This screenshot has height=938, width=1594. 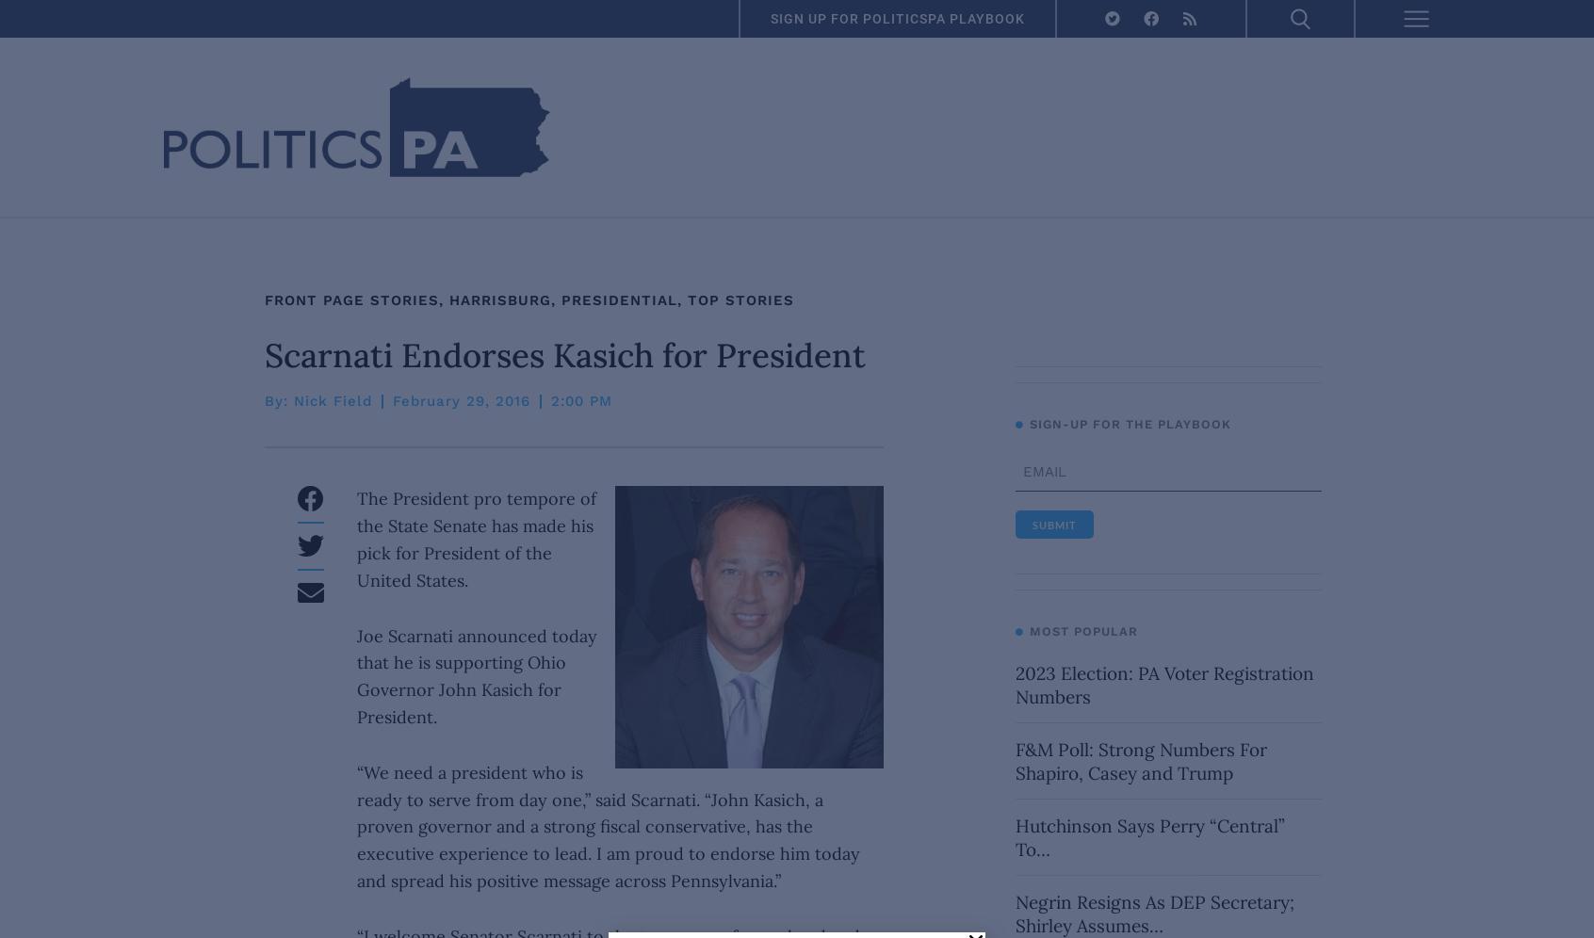 I want to click on 'Scarnati Endorses Kasich for President', so click(x=265, y=354).